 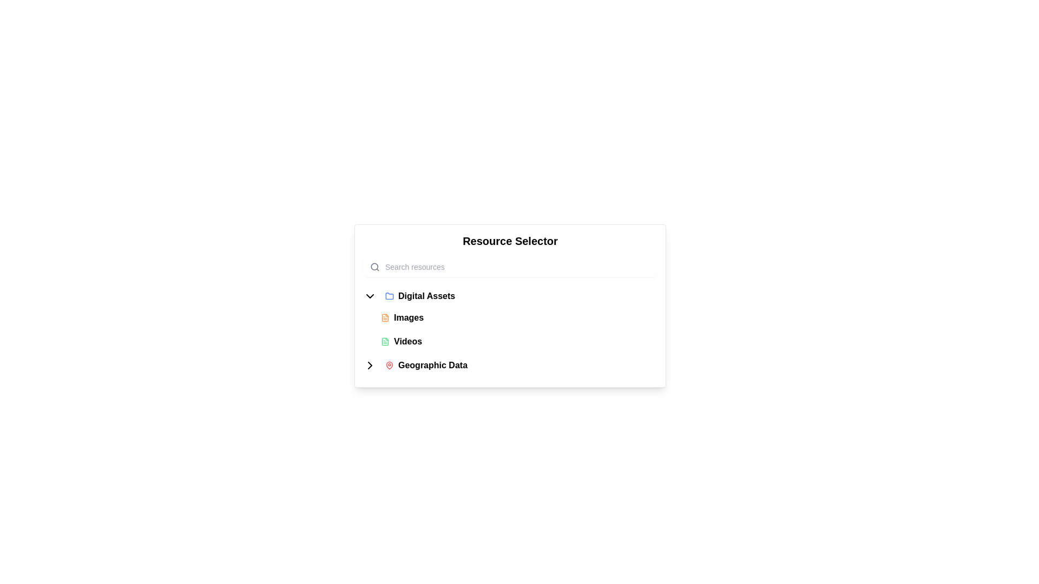 What do you see at coordinates (385, 317) in the screenshot?
I see `the 'Images' icon` at bounding box center [385, 317].